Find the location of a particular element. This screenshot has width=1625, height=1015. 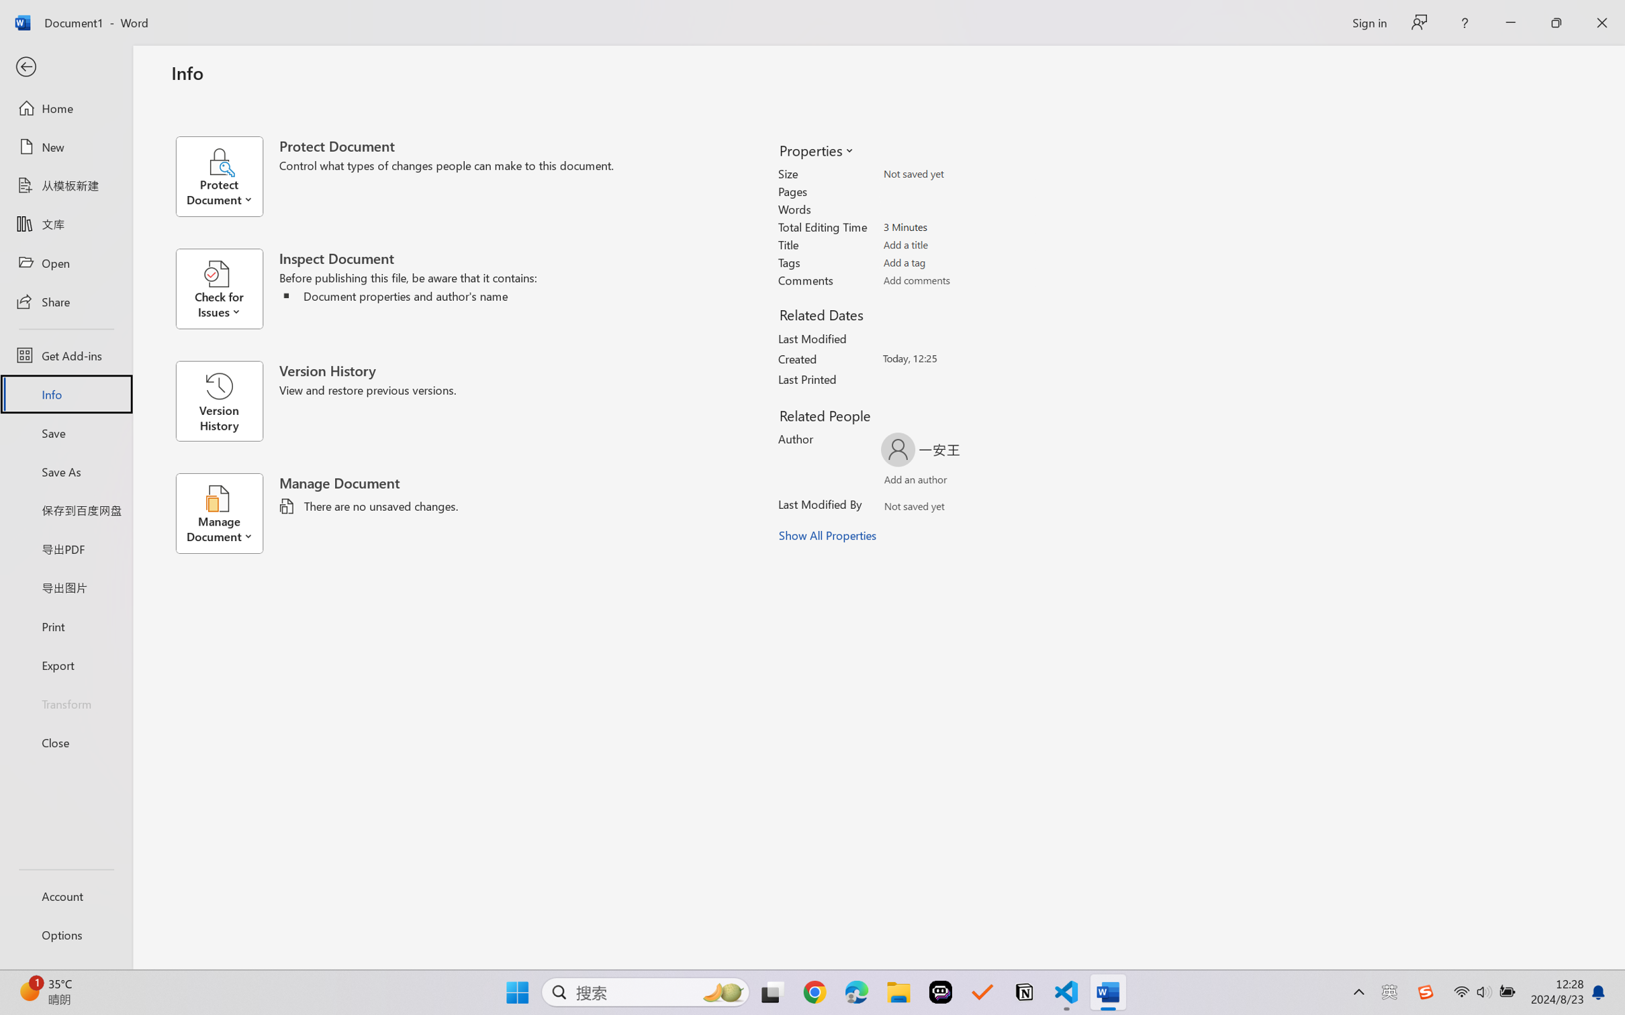

'Pages' is located at coordinates (958, 191).